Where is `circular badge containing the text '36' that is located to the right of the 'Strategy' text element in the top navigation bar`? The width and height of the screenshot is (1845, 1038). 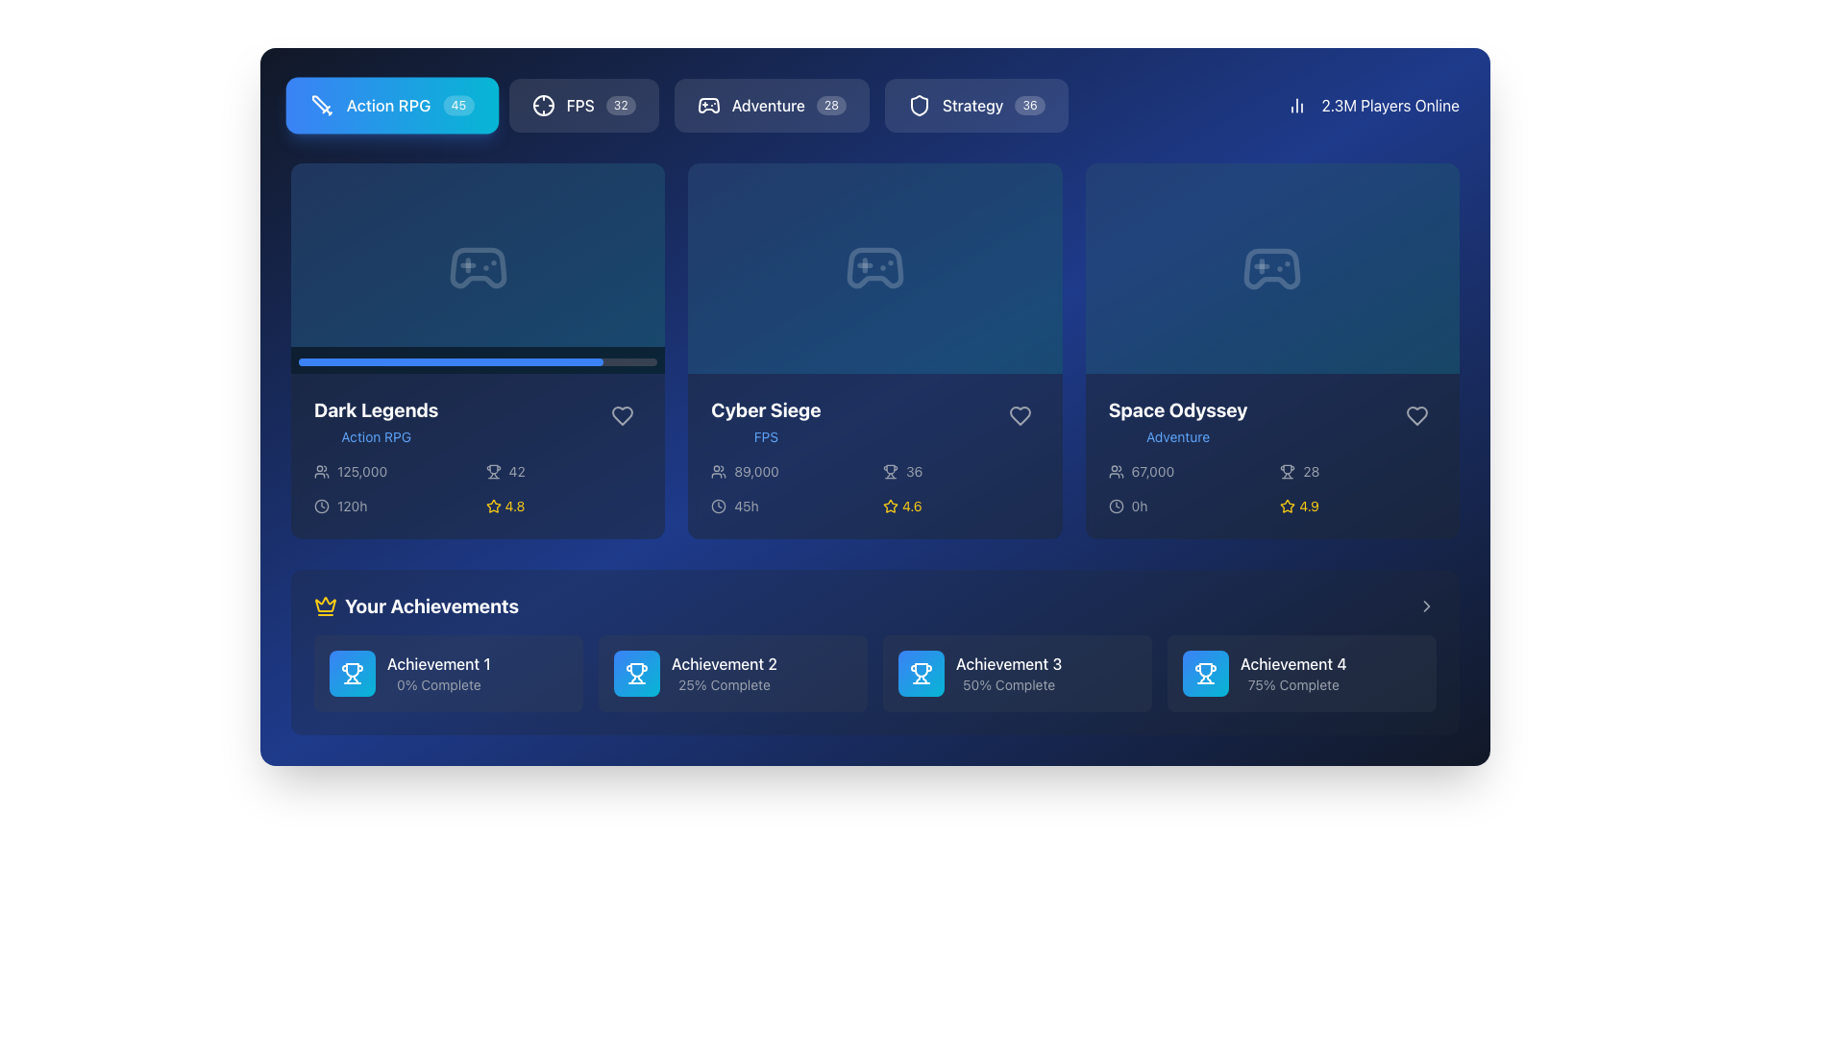
circular badge containing the text '36' that is located to the right of the 'Strategy' text element in the top navigation bar is located at coordinates (1029, 106).